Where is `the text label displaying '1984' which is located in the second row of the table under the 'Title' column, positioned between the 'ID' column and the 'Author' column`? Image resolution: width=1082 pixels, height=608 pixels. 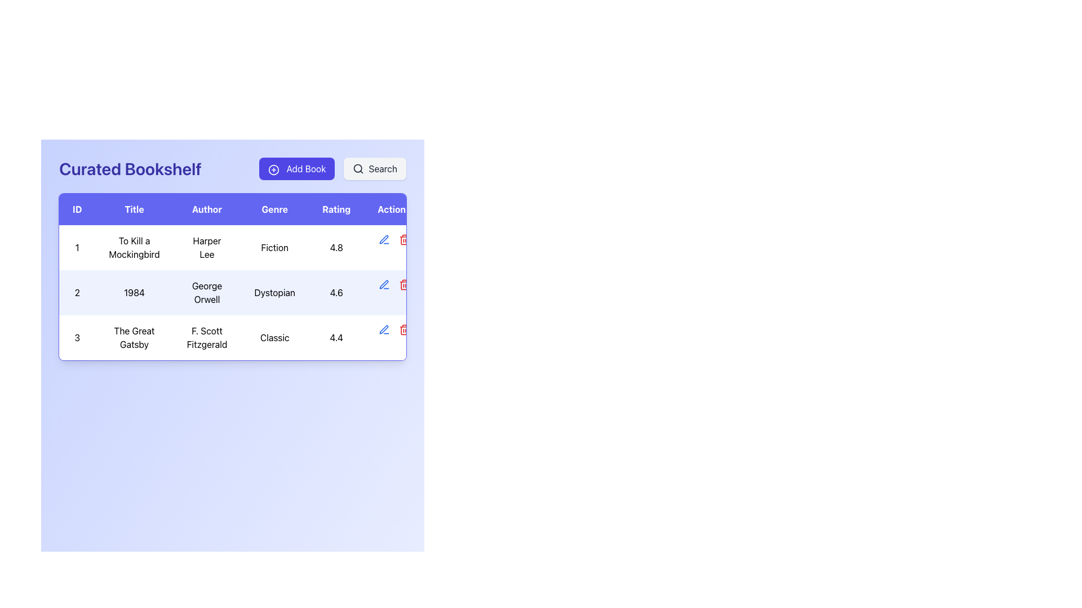
the text label displaying '1984' which is located in the second row of the table under the 'Title' column, positioned between the 'ID' column and the 'Author' column is located at coordinates (134, 292).